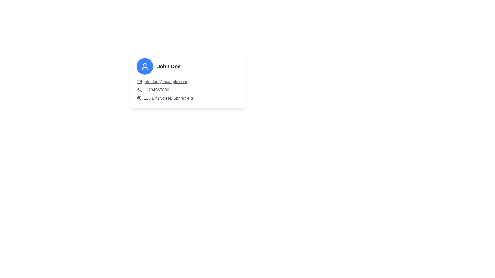 The image size is (495, 278). What do you see at coordinates (139, 90) in the screenshot?
I see `the gray telephone receiver icon located to the left of the phone number '+1234567890'` at bounding box center [139, 90].